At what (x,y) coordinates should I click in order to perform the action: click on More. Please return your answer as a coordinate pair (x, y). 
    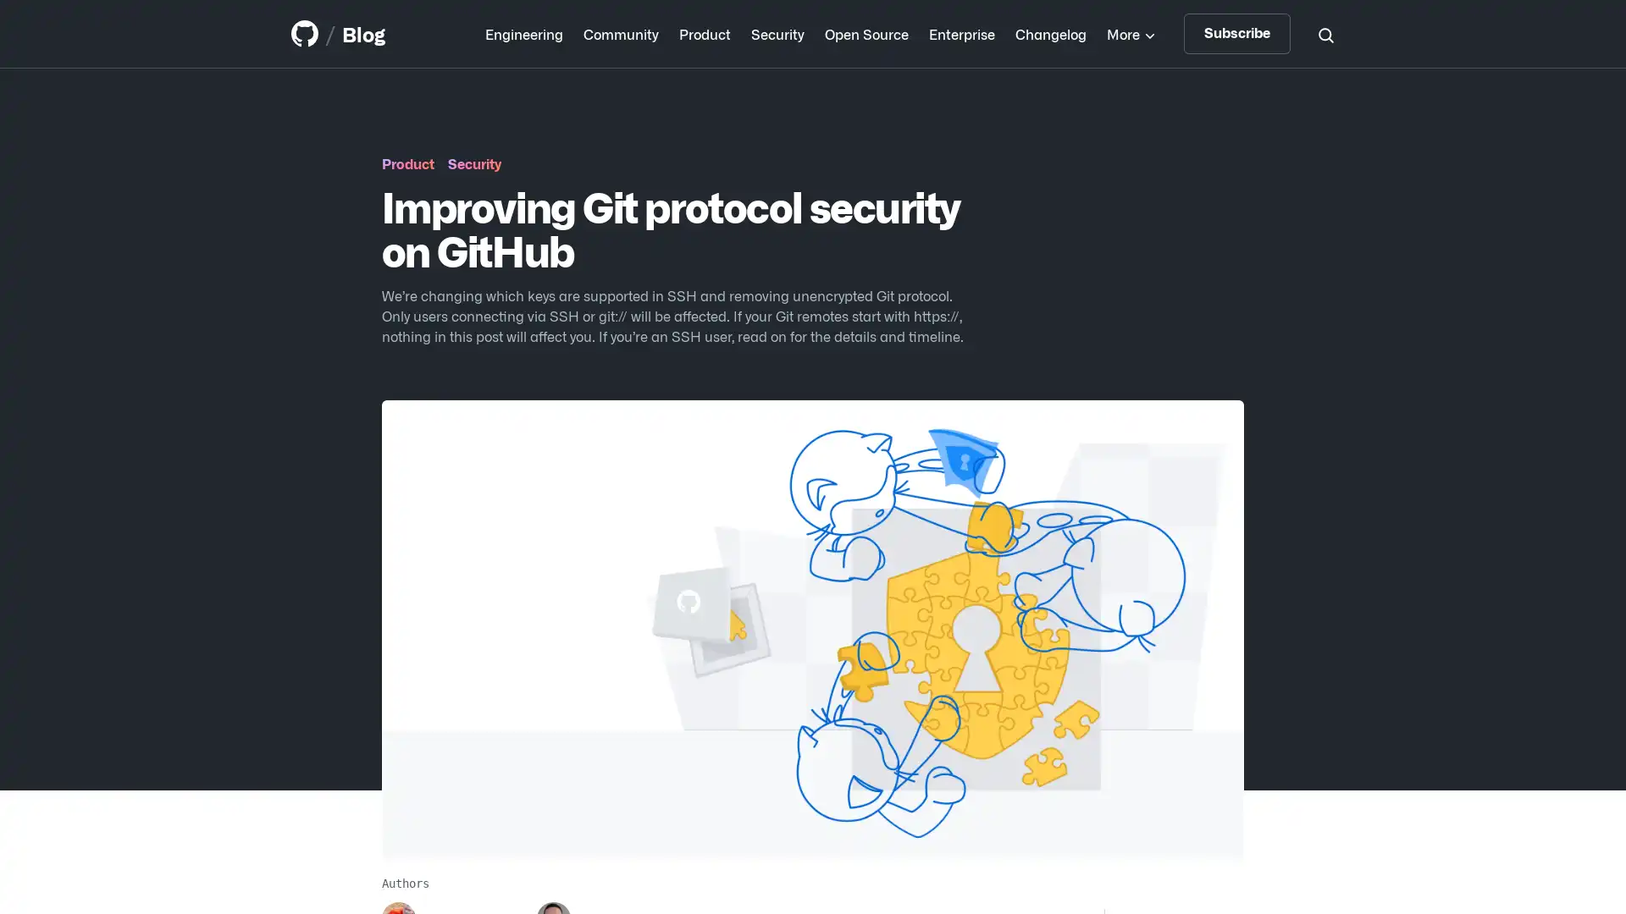
    Looking at the image, I should click on (1131, 32).